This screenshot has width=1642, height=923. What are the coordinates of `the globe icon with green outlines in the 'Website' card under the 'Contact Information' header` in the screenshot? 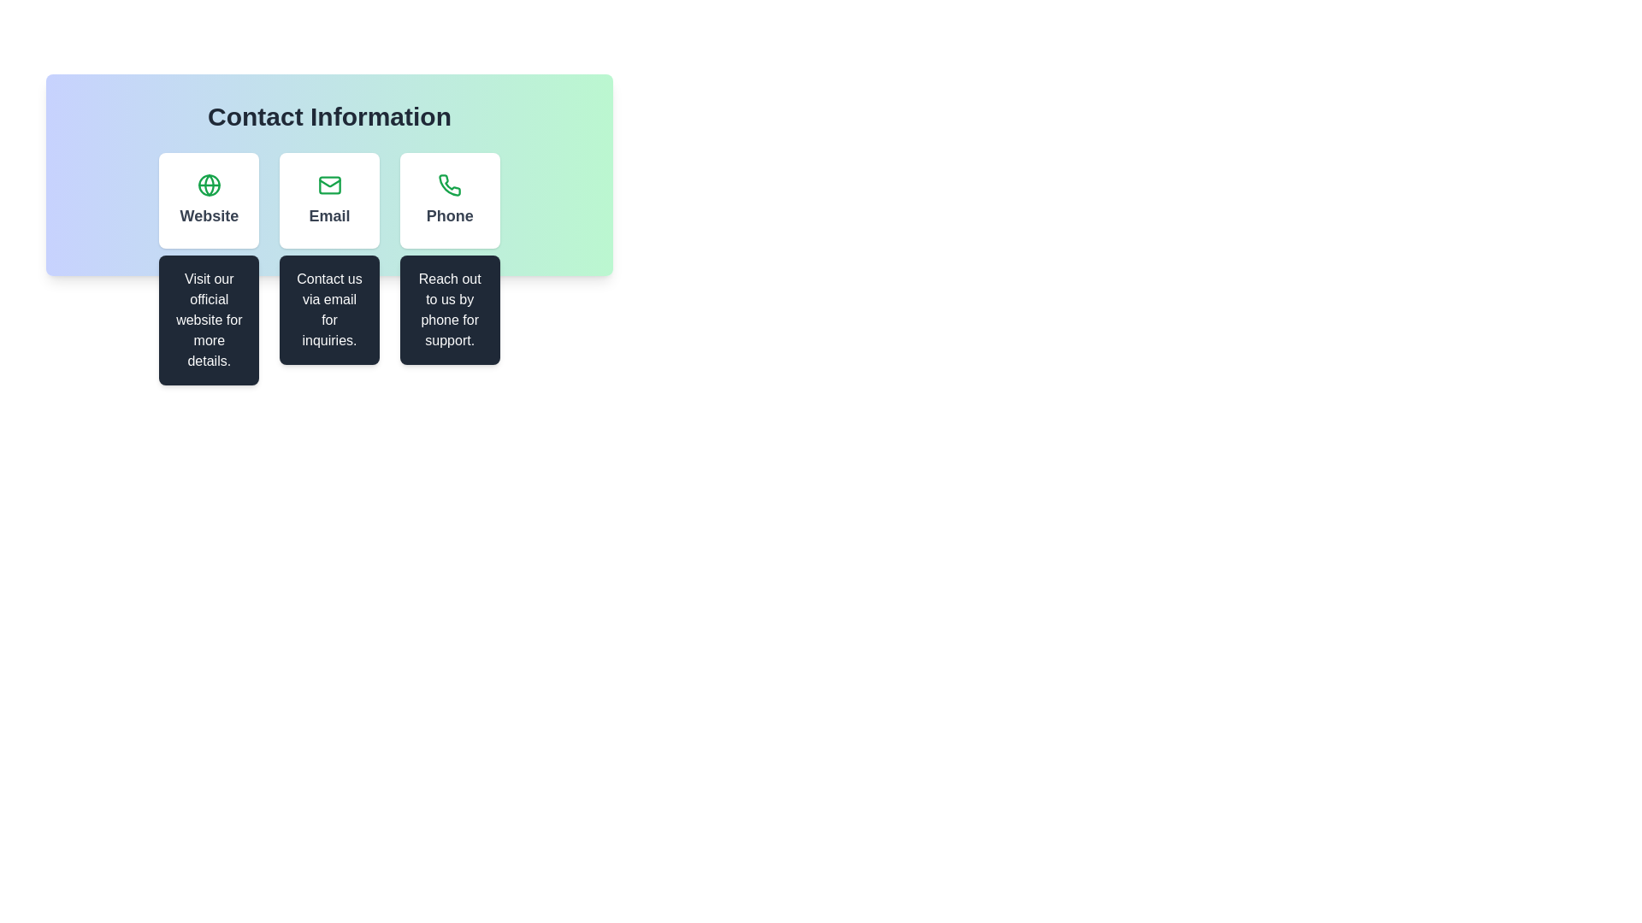 It's located at (208, 185).